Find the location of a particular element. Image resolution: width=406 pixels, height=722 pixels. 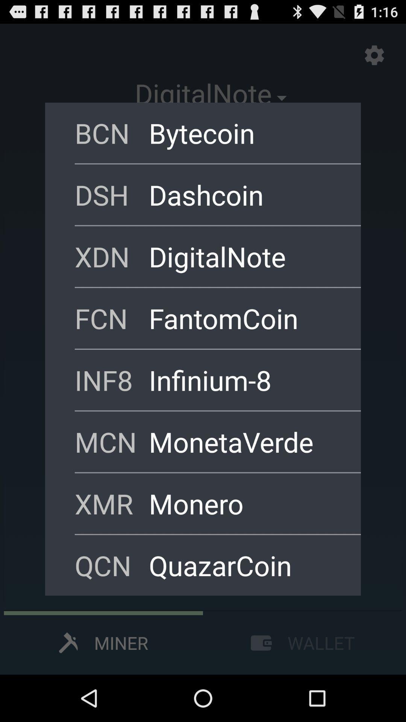

digitalnote app is located at coordinates (245, 256).